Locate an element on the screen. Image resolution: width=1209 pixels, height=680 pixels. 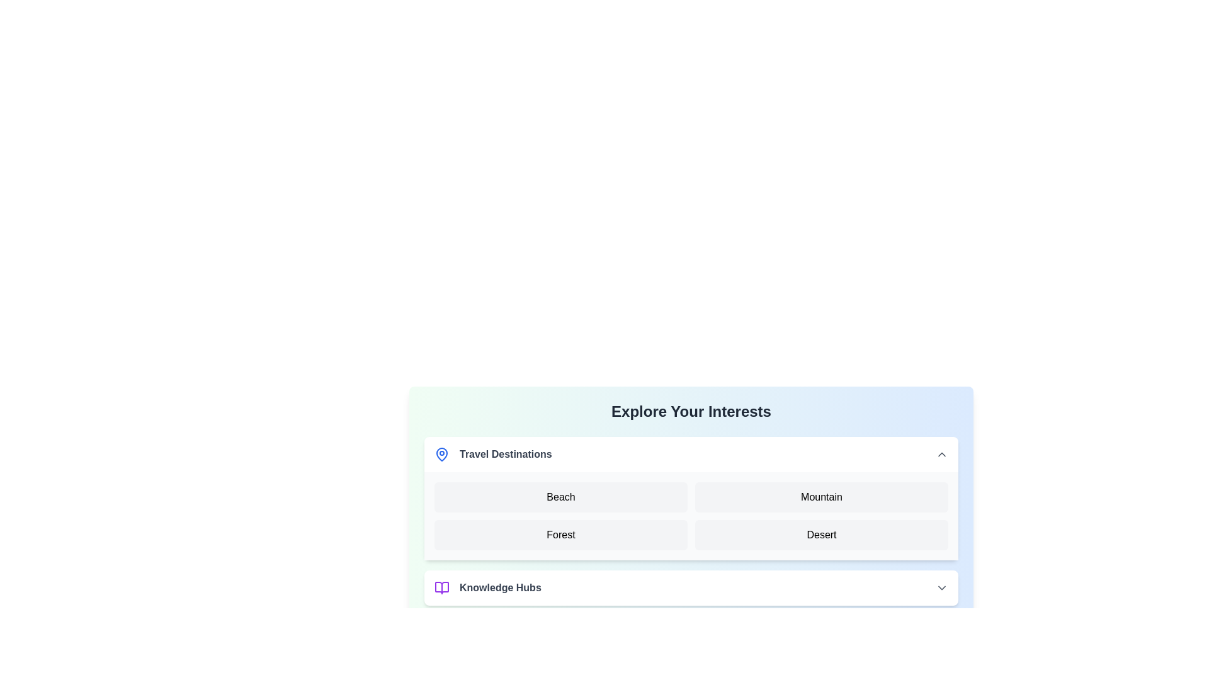
the 'Beach', 'Mountain', 'Forest', or 'Desert' button within the 'Travel Destinations' section, which is styled with a white background and rounded corners is located at coordinates (691, 497).